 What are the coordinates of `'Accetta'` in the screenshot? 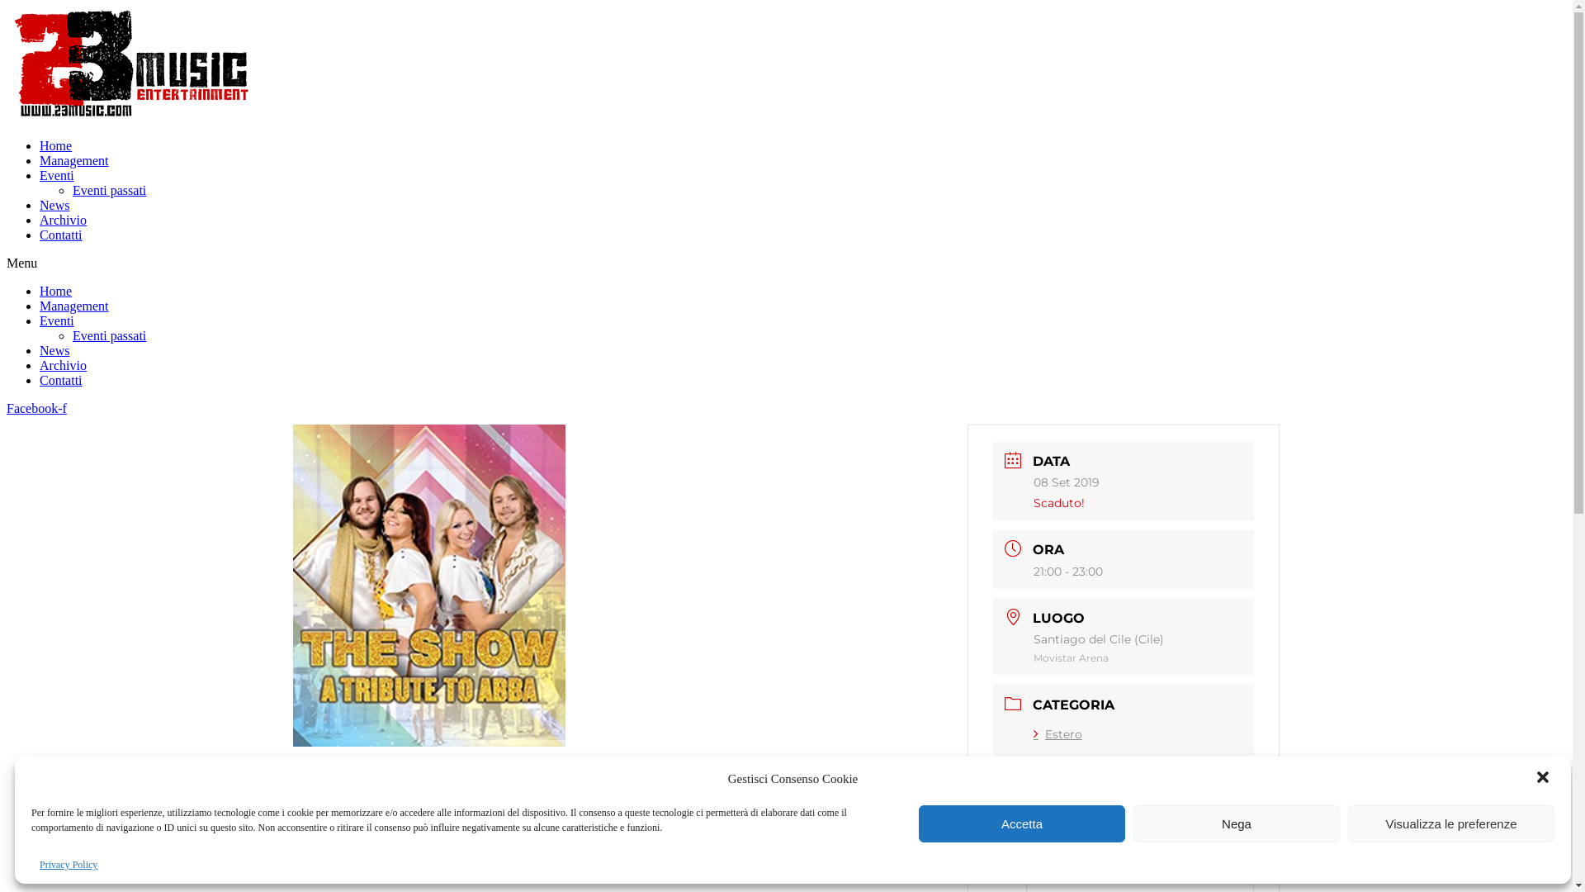 It's located at (1021, 823).